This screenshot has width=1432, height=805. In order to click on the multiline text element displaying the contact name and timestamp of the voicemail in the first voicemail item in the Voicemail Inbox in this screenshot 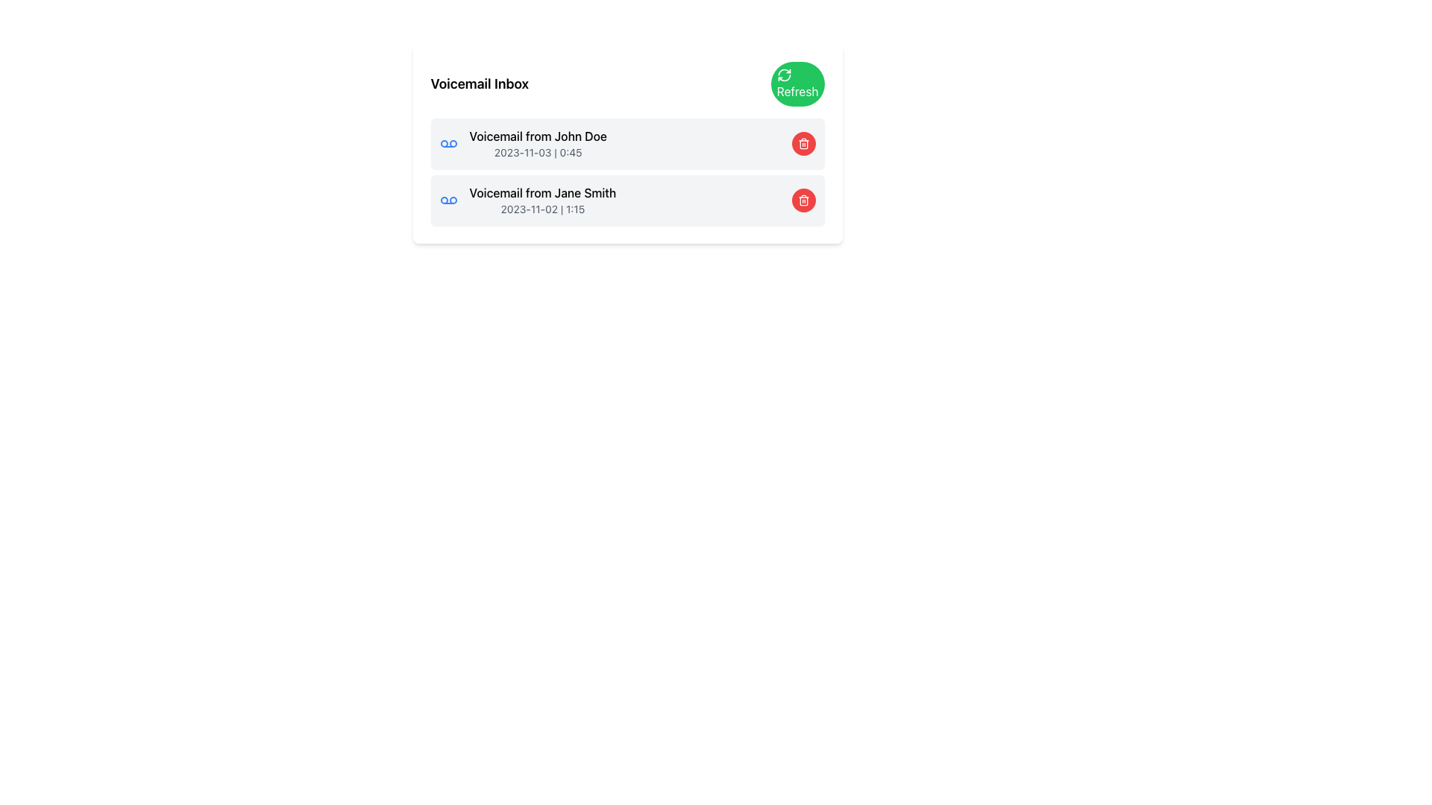, I will do `click(537, 143)`.